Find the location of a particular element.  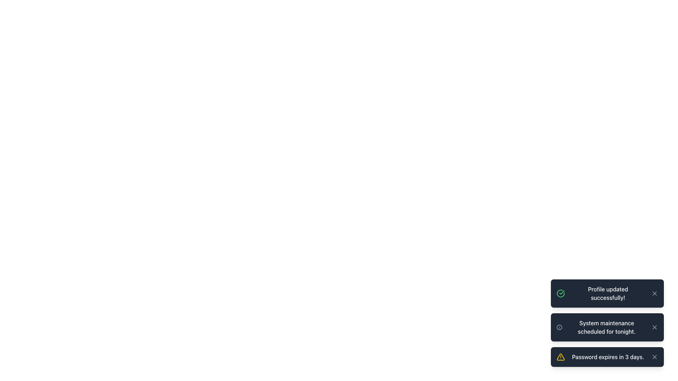

the close button icon, which is a diagonal line forming a cross, located at the far right of the bottom notification card containing the text 'Password expires in 3 days.' is located at coordinates (654, 357).